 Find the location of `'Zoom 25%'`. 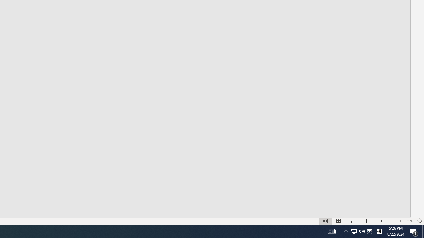

'Zoom 25%' is located at coordinates (409, 221).